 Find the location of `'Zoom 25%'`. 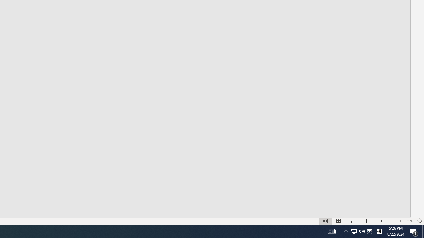

'Zoom 25%' is located at coordinates (409, 221).